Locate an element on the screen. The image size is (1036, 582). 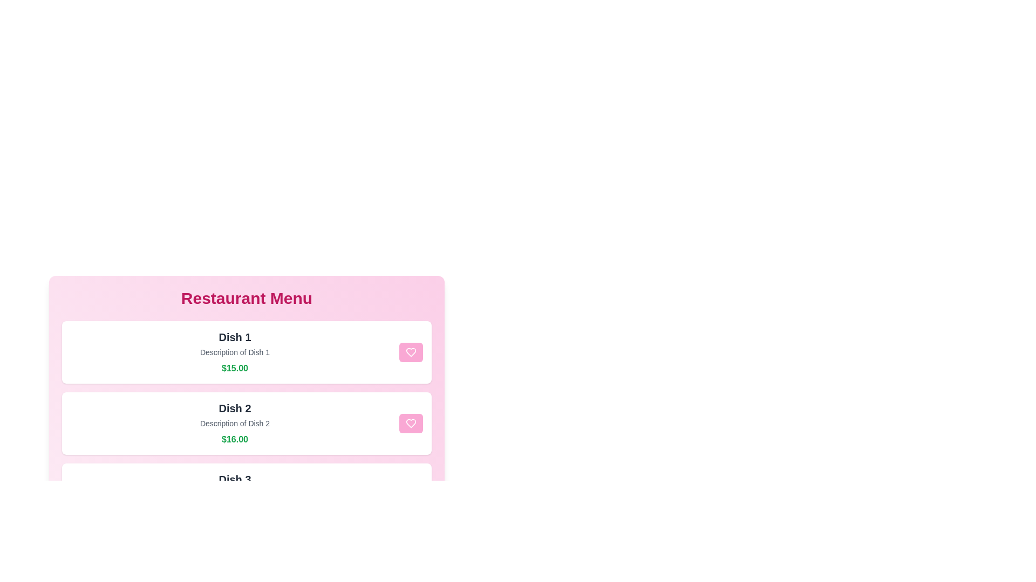
text content of the description located beneath 'Dish 1' and above '$15.00' is located at coordinates (234, 352).